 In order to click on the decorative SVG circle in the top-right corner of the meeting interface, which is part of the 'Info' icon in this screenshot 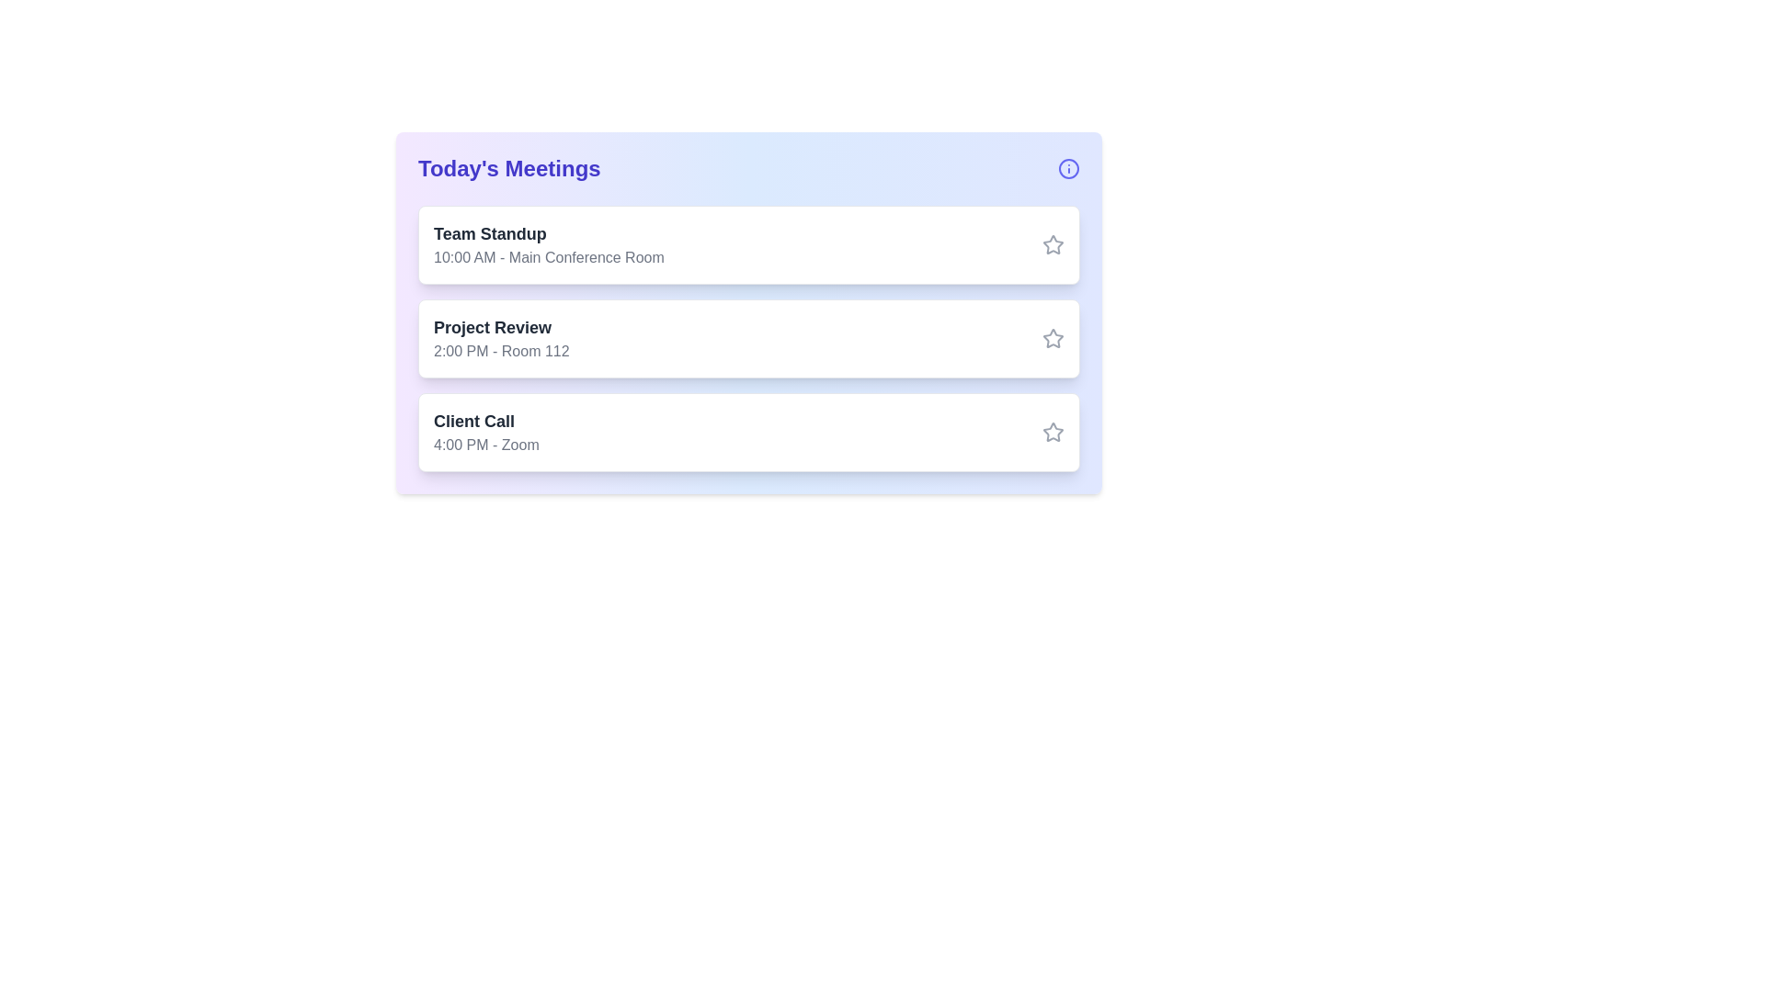, I will do `click(1068, 169)`.